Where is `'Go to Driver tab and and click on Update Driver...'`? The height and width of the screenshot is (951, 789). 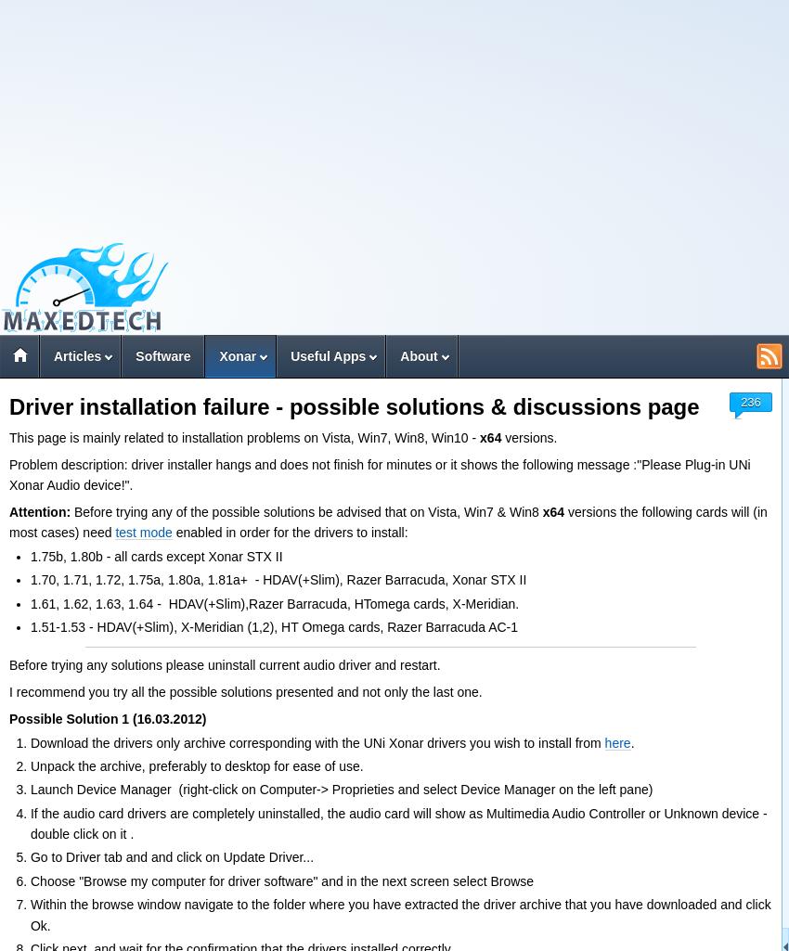
'Go to Driver tab and and click on Update Driver...' is located at coordinates (28, 856).